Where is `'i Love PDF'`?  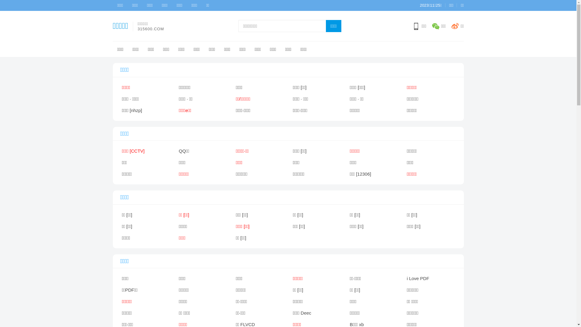 'i Love PDF' is located at coordinates (430, 279).